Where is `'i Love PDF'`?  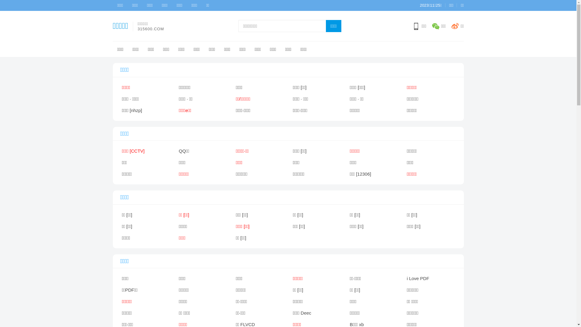 'i Love PDF' is located at coordinates (430, 279).